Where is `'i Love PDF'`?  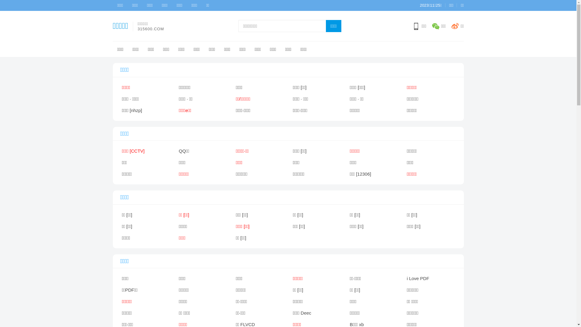 'i Love PDF' is located at coordinates (430, 279).